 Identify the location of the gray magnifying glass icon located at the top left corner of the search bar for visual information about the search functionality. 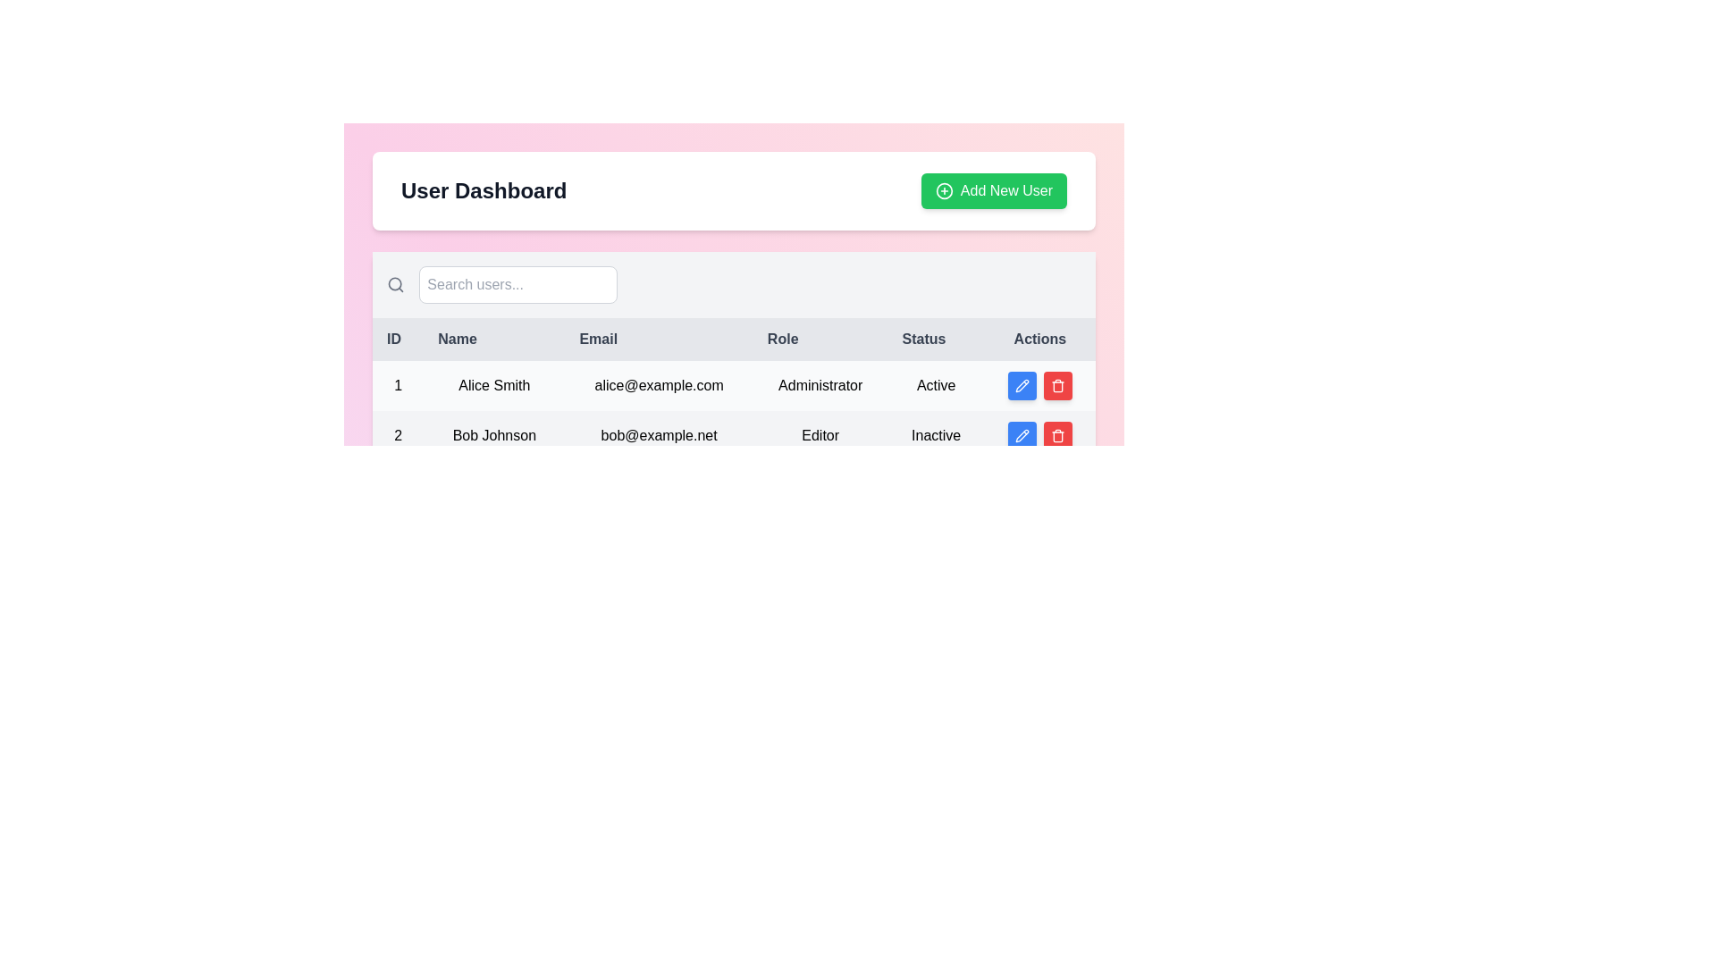
(395, 284).